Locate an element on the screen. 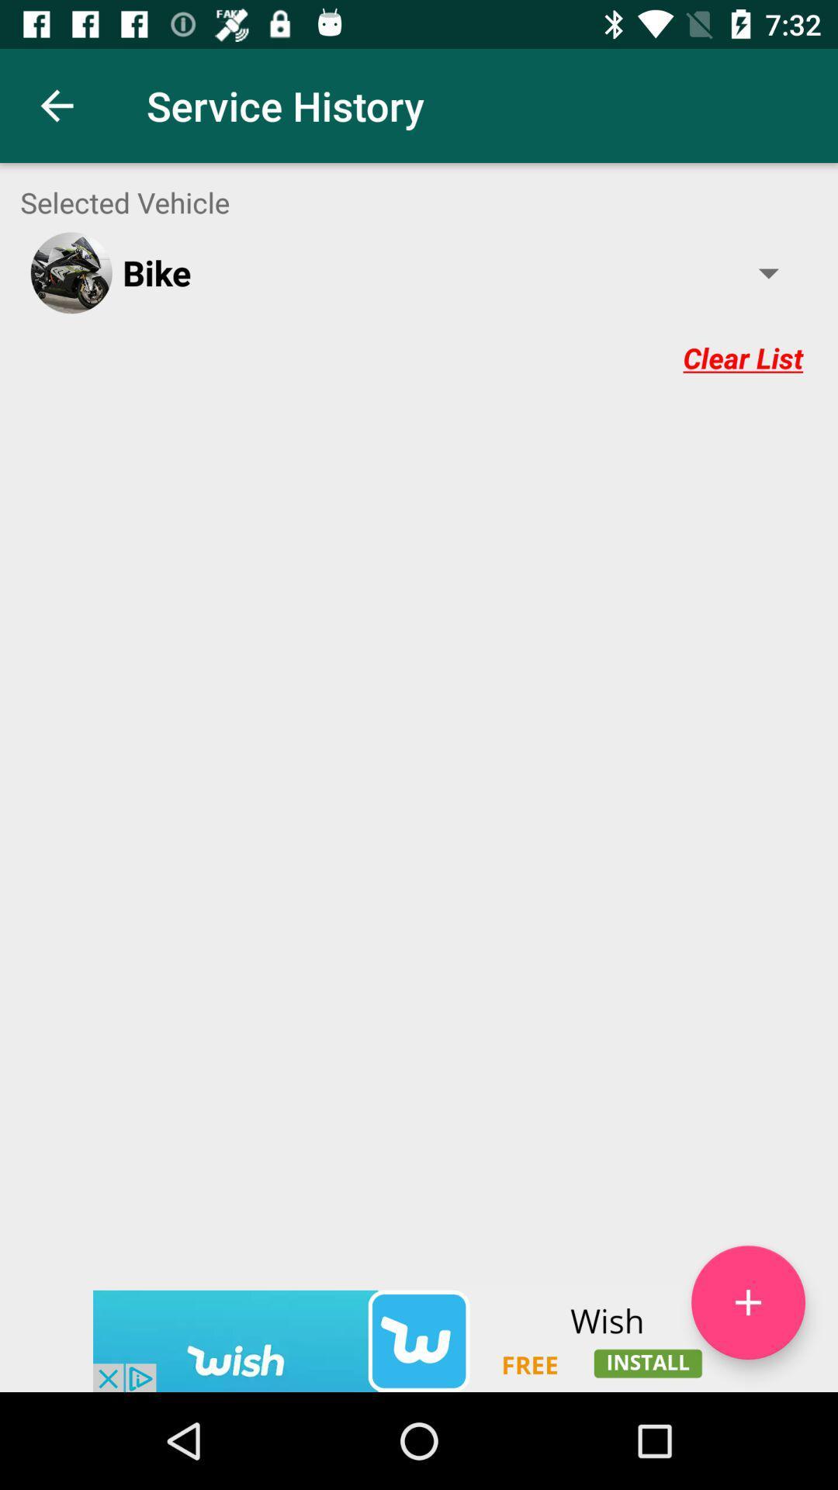 This screenshot has width=838, height=1490. button to add new option to the list is located at coordinates (747, 1302).